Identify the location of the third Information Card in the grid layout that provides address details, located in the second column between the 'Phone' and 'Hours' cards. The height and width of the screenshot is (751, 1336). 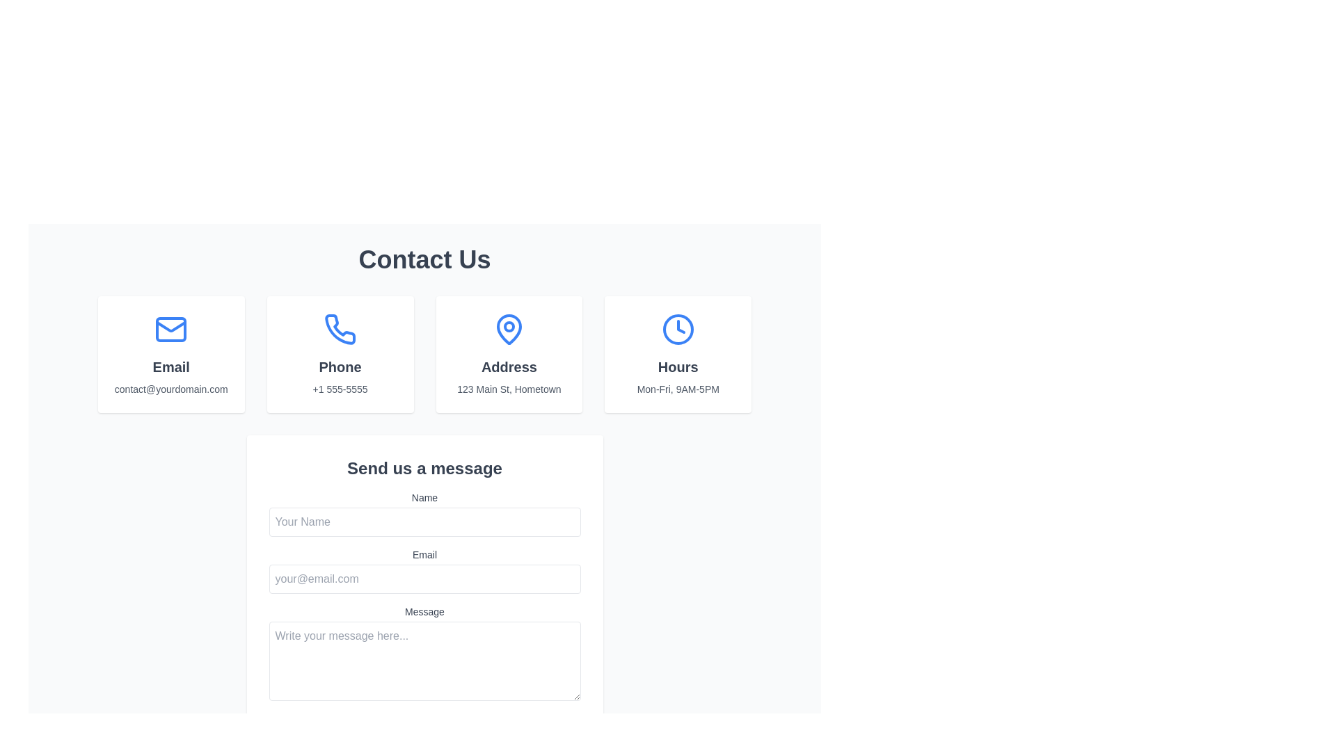
(508, 353).